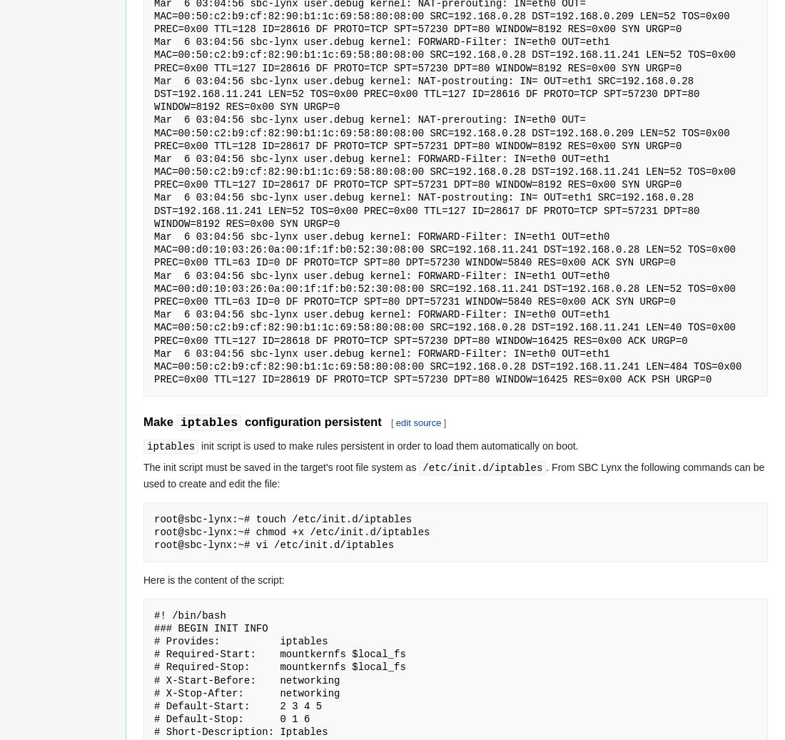 The image size is (785, 740). I want to click on '. From SBC Lynx the following commands can be used to create and edit the file:', so click(454, 475).